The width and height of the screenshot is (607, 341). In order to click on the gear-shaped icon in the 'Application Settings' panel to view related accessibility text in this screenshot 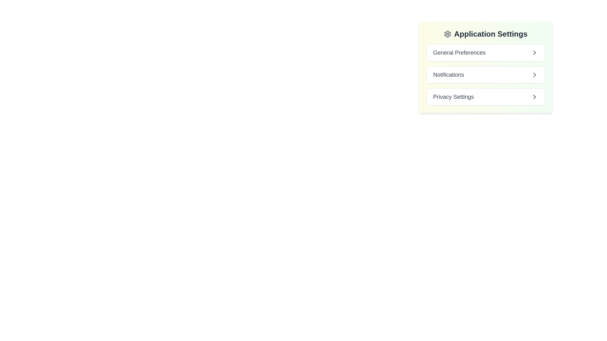, I will do `click(447, 34)`.